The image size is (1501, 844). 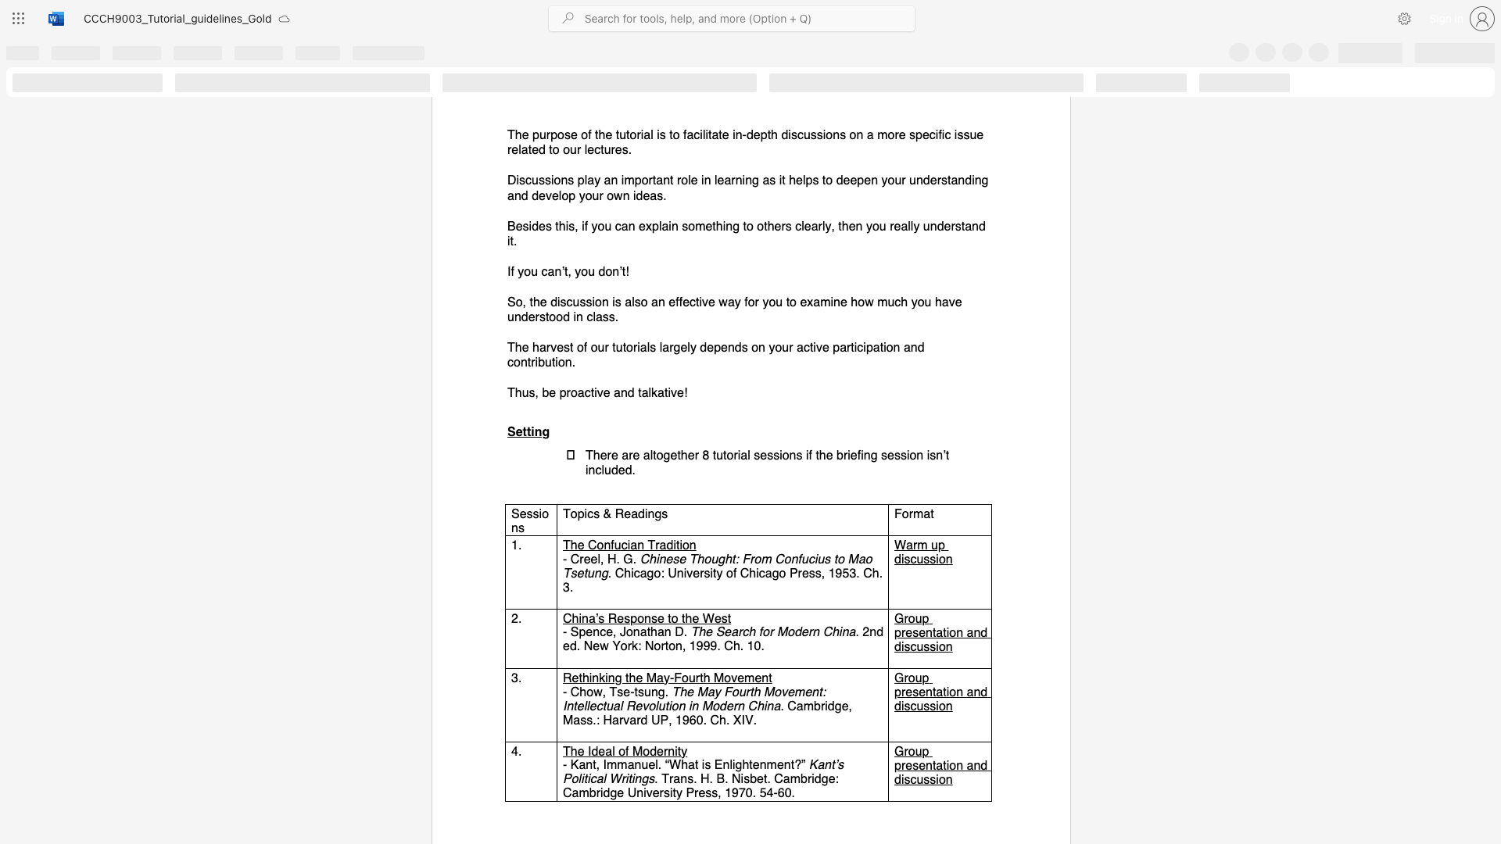 I want to click on the 1th character "o" in the text, so click(x=657, y=573).